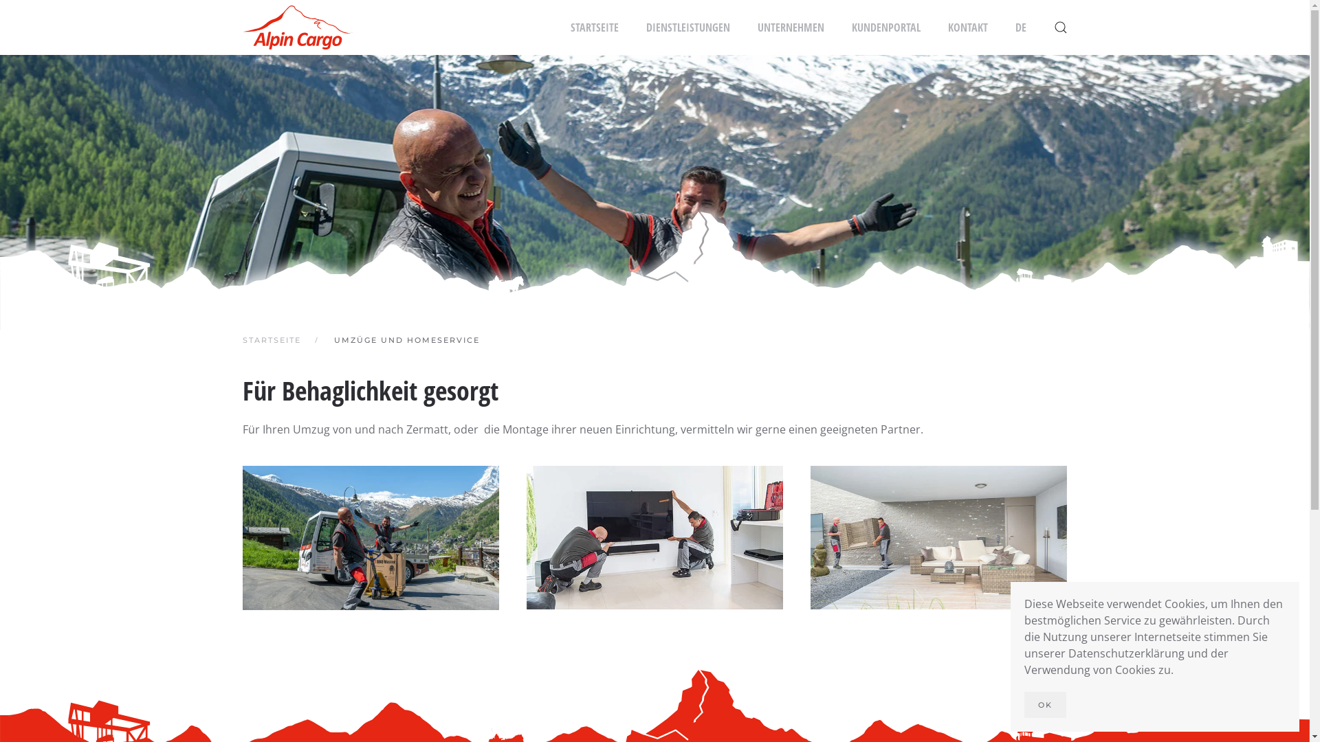 This screenshot has height=742, width=1320. Describe the element at coordinates (646, 27) in the screenshot. I see `'DIENSTLEISTUNGEN'` at that location.